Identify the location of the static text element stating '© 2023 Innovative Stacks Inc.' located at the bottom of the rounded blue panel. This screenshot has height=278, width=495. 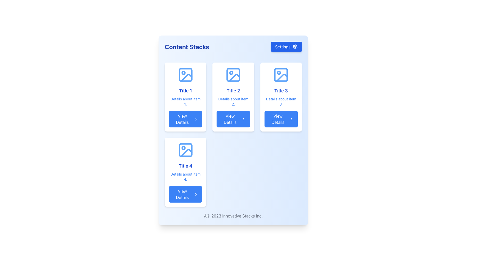
(233, 216).